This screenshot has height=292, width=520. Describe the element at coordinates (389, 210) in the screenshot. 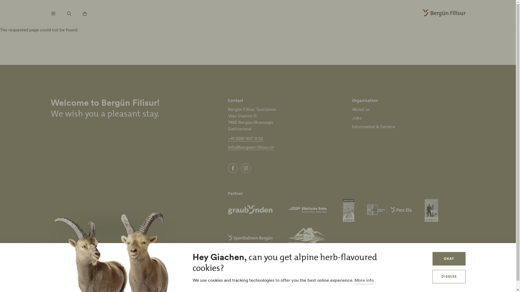

I see `'Parc Ela'` at that location.